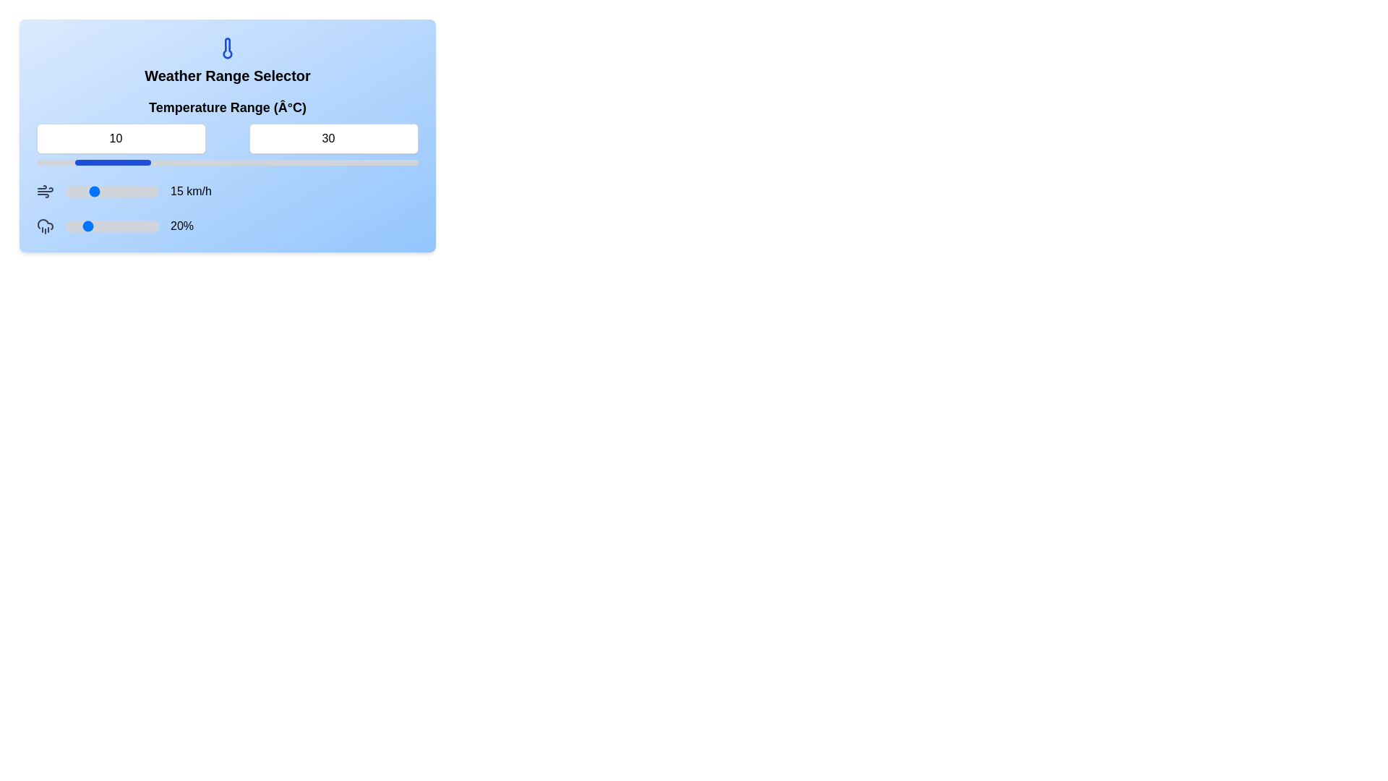 This screenshot has height=781, width=1388. Describe the element at coordinates (100, 191) in the screenshot. I see `the speed` at that location.